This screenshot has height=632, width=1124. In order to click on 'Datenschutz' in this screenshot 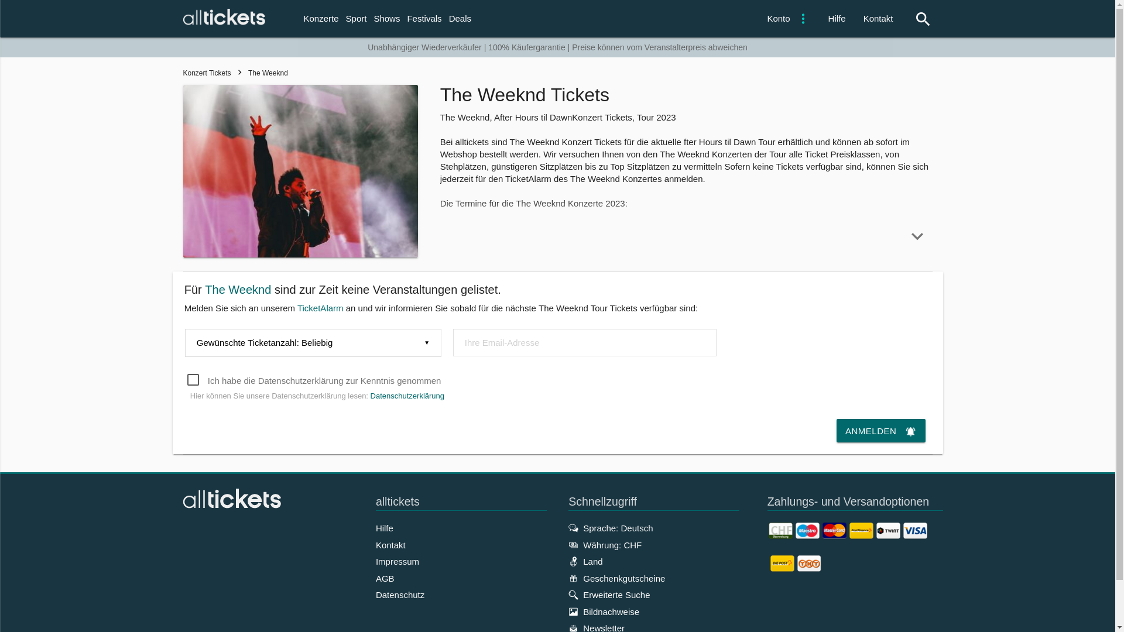, I will do `click(400, 595)`.